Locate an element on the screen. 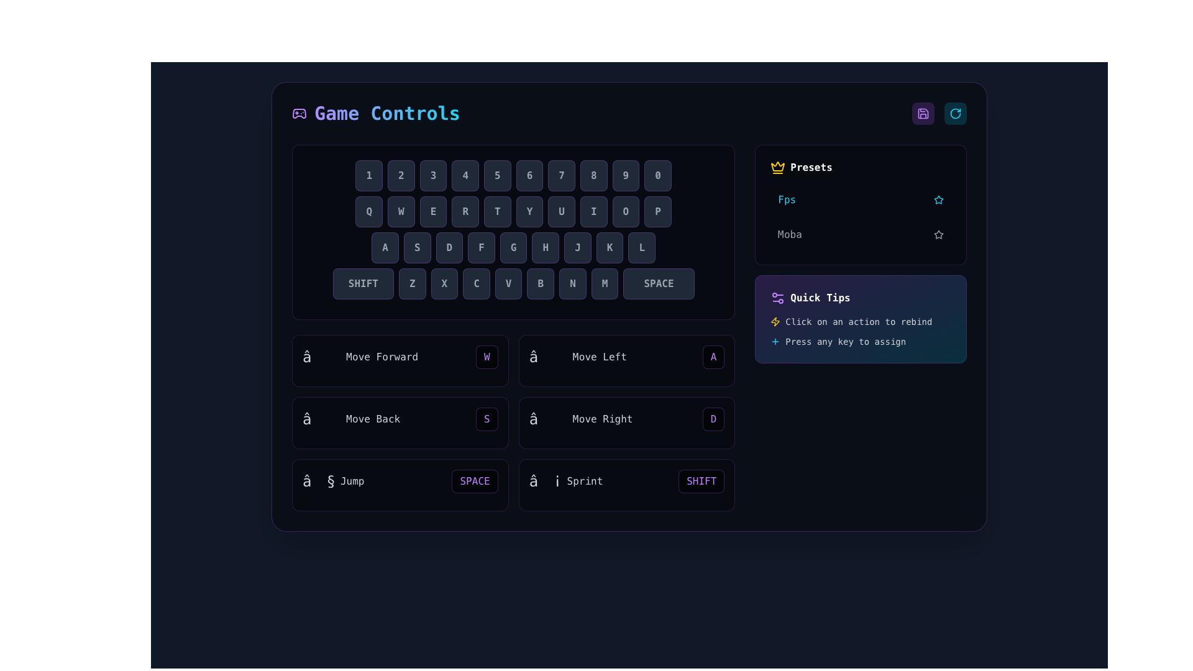  the Text and icon label consisting of the '⚡' icon and the text 'Sprint' located to the left of the 'SHIFT' button in the lower section of the keyboard input diagram is located at coordinates (565, 481).